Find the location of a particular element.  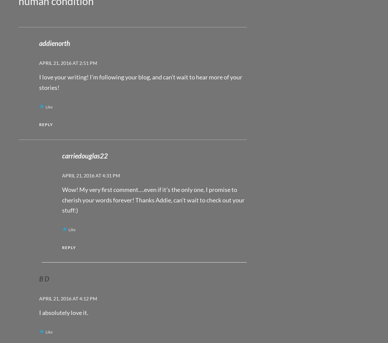

'April 21, 2016 at 2:51 pm' is located at coordinates (68, 63).